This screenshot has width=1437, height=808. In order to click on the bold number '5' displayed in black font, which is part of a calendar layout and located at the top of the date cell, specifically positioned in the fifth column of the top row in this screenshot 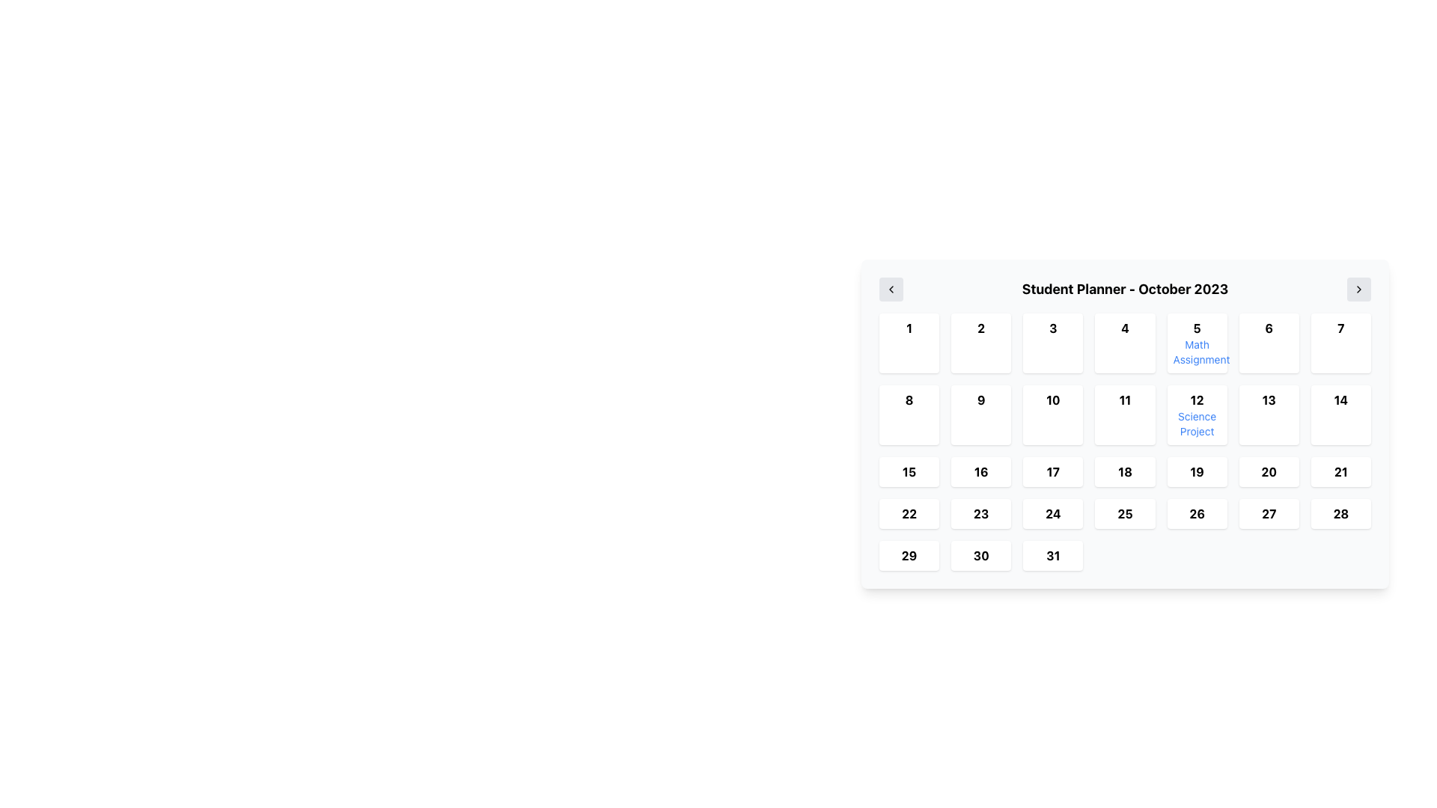, I will do `click(1196, 328)`.